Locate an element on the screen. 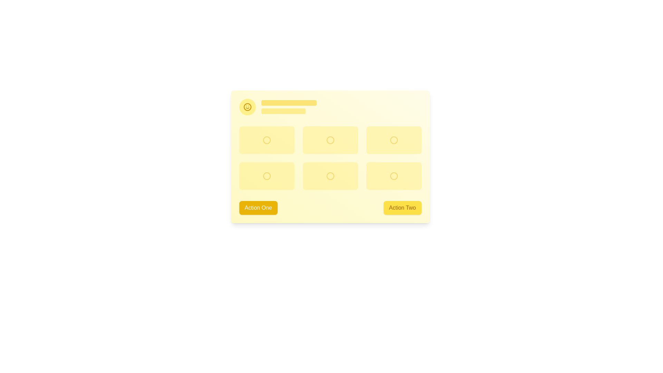  horizontal row component that contains a circular yellow badge with a smiley face icon on the left and two yellow rectangular pulsating bars resembling placeholder text blocks on the right is located at coordinates (330, 107).